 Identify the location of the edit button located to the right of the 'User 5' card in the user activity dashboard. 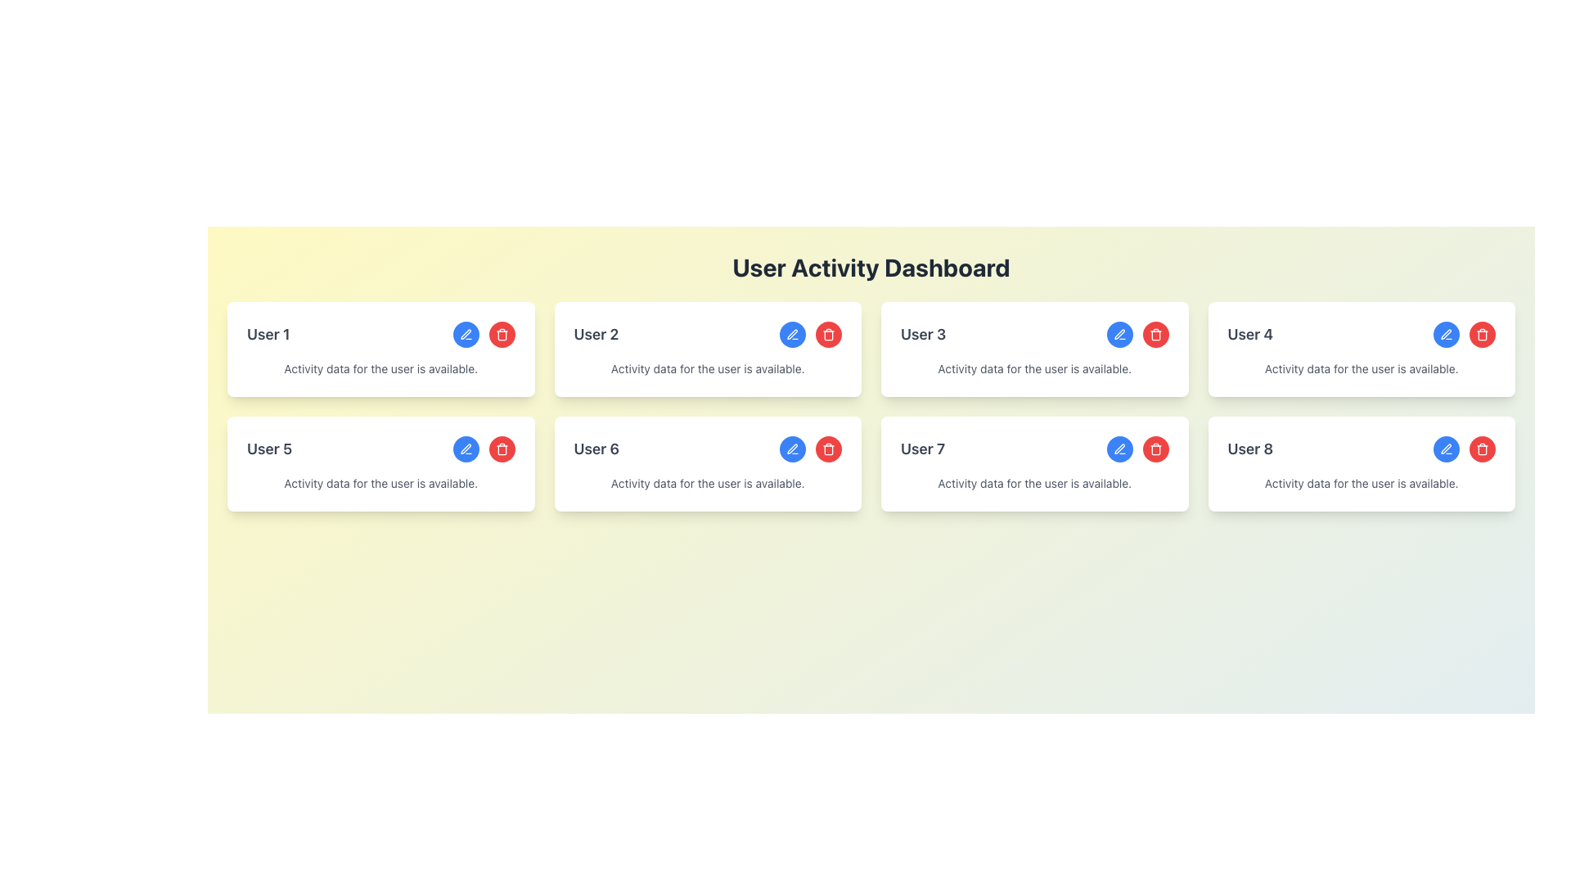
(465, 449).